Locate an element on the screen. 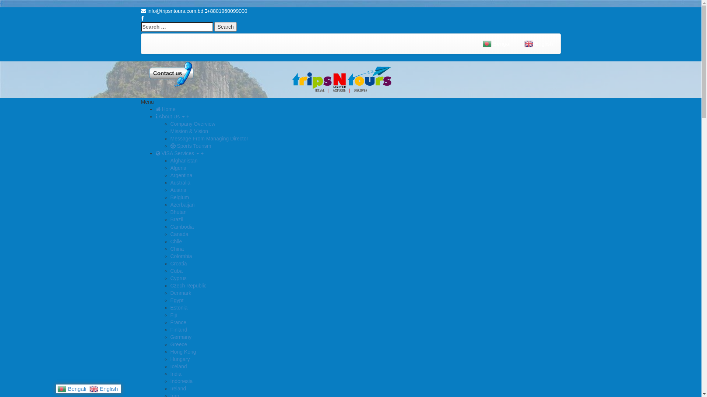 This screenshot has width=707, height=397. 'Iceland' is located at coordinates (178, 366).